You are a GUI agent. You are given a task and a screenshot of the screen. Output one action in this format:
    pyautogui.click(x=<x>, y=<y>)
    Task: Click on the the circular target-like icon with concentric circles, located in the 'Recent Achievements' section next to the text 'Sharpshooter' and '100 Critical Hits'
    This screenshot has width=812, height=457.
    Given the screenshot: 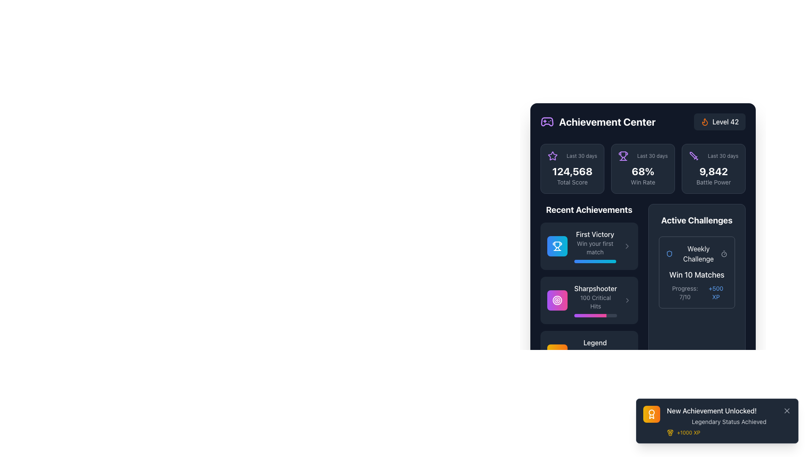 What is the action you would take?
    pyautogui.click(x=557, y=300)
    